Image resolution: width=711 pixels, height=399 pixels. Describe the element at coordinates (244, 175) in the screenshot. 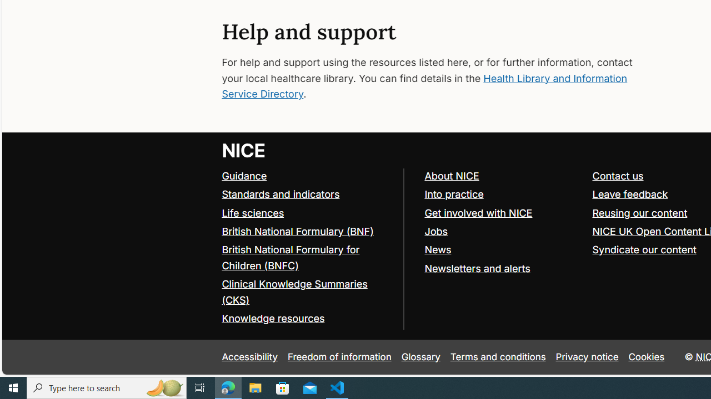

I see `'Guidance'` at that location.